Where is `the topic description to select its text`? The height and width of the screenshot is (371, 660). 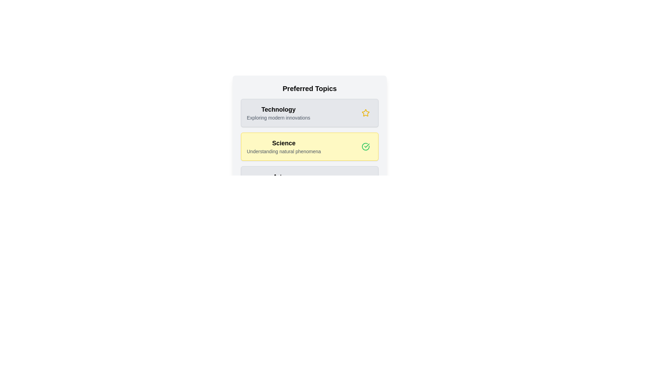
the topic description to select its text is located at coordinates (278, 117).